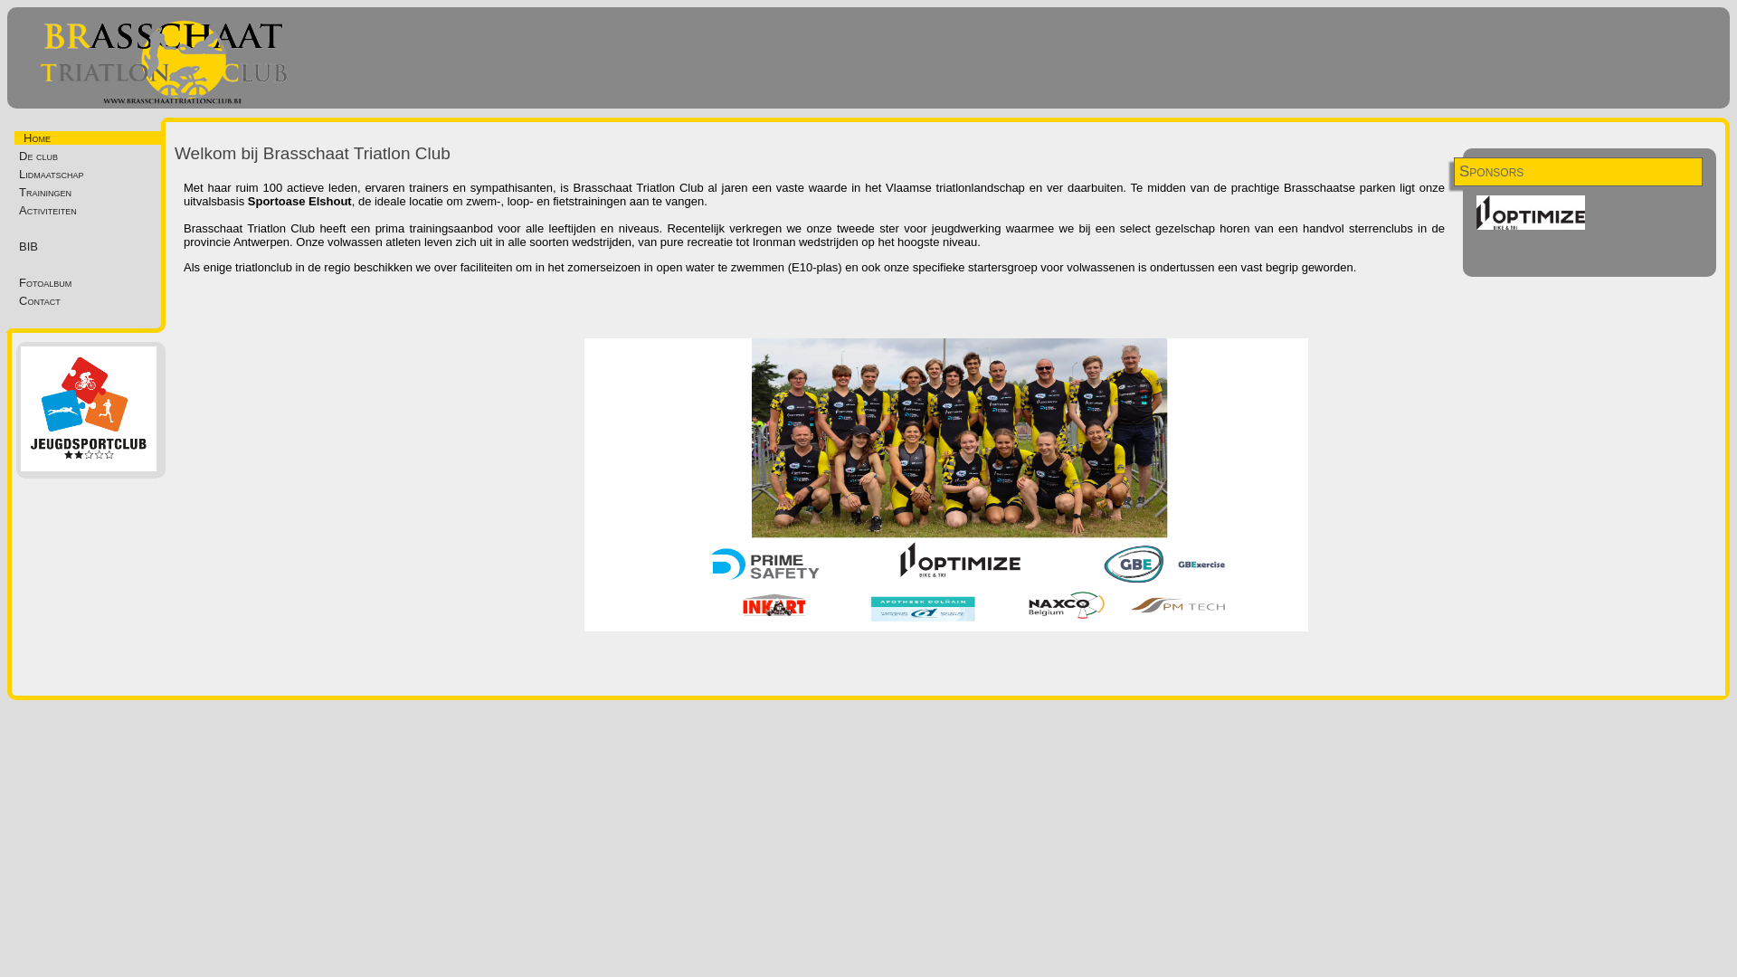  I want to click on 'Trainingen', so click(14, 192).